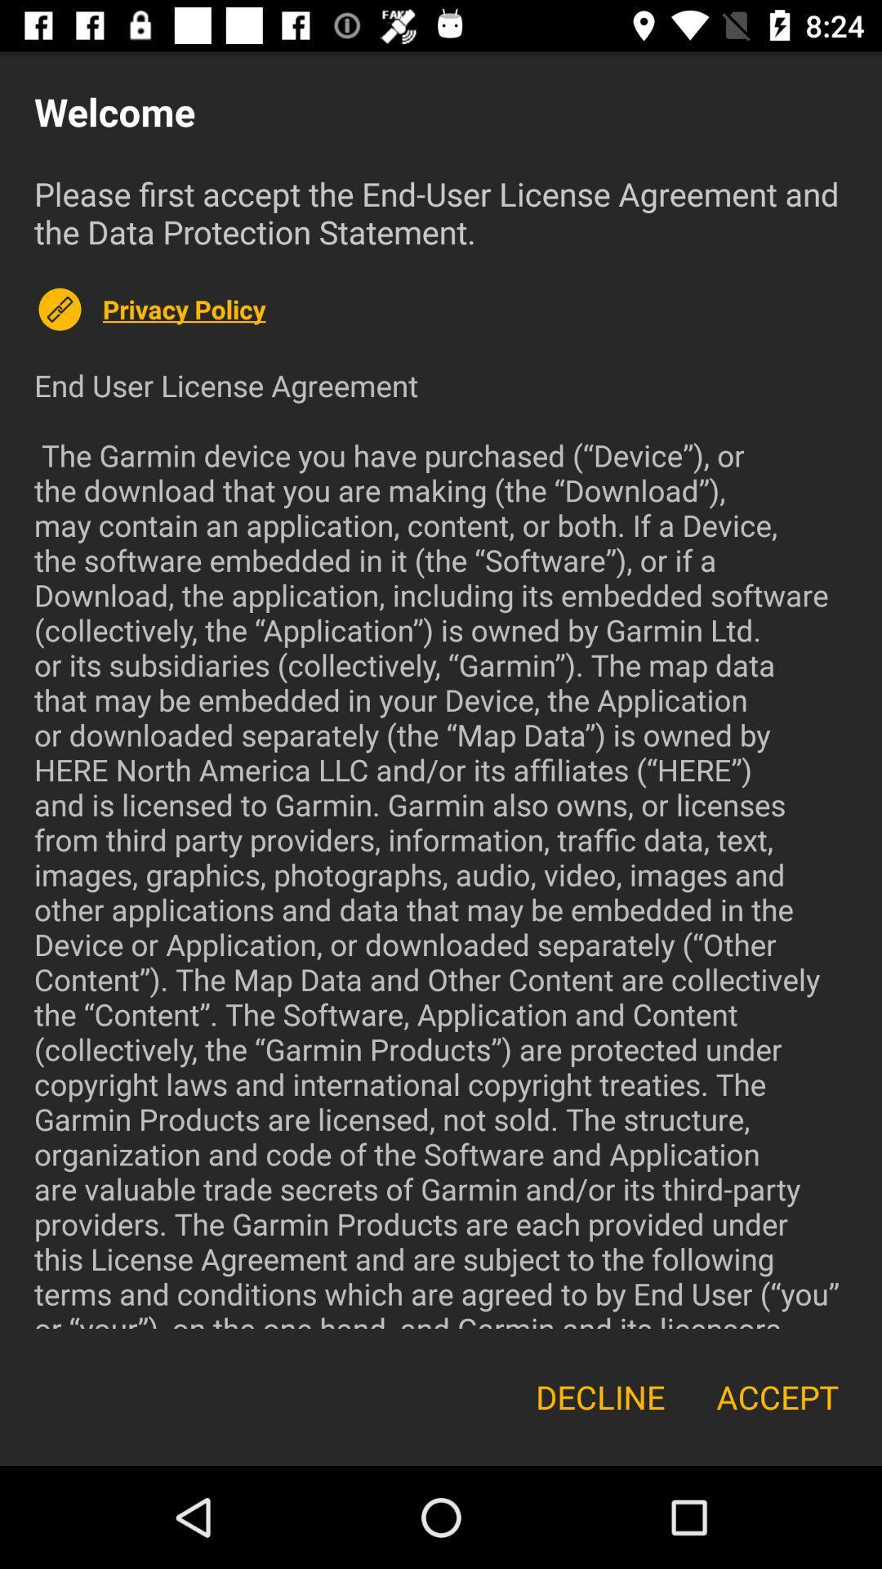 The width and height of the screenshot is (882, 1569). I want to click on the privacy policy, so click(475, 309).